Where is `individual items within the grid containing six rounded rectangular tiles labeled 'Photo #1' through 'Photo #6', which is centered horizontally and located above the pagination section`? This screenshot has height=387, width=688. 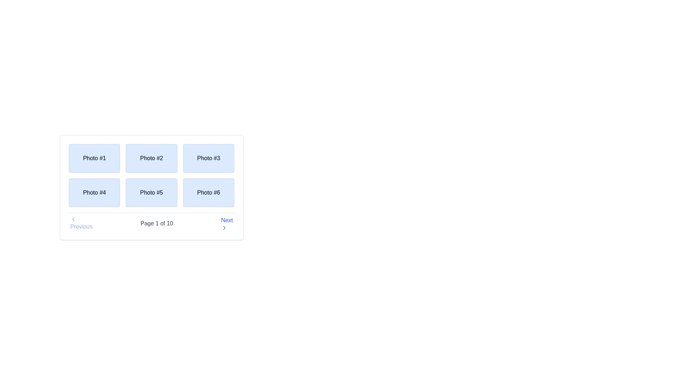
individual items within the grid containing six rounded rectangular tiles labeled 'Photo #1' through 'Photo #6', which is centered horizontally and located above the pagination section is located at coordinates (151, 175).